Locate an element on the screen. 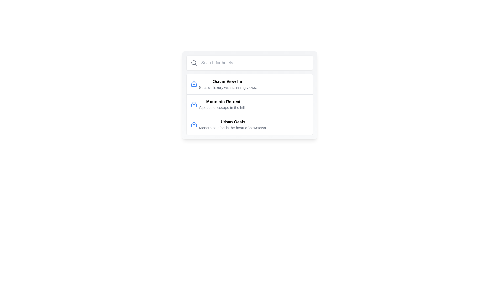 The height and width of the screenshot is (283, 504). the second card in the list that represents 'Mountain Retreat' to read the displayed information is located at coordinates (249, 95).